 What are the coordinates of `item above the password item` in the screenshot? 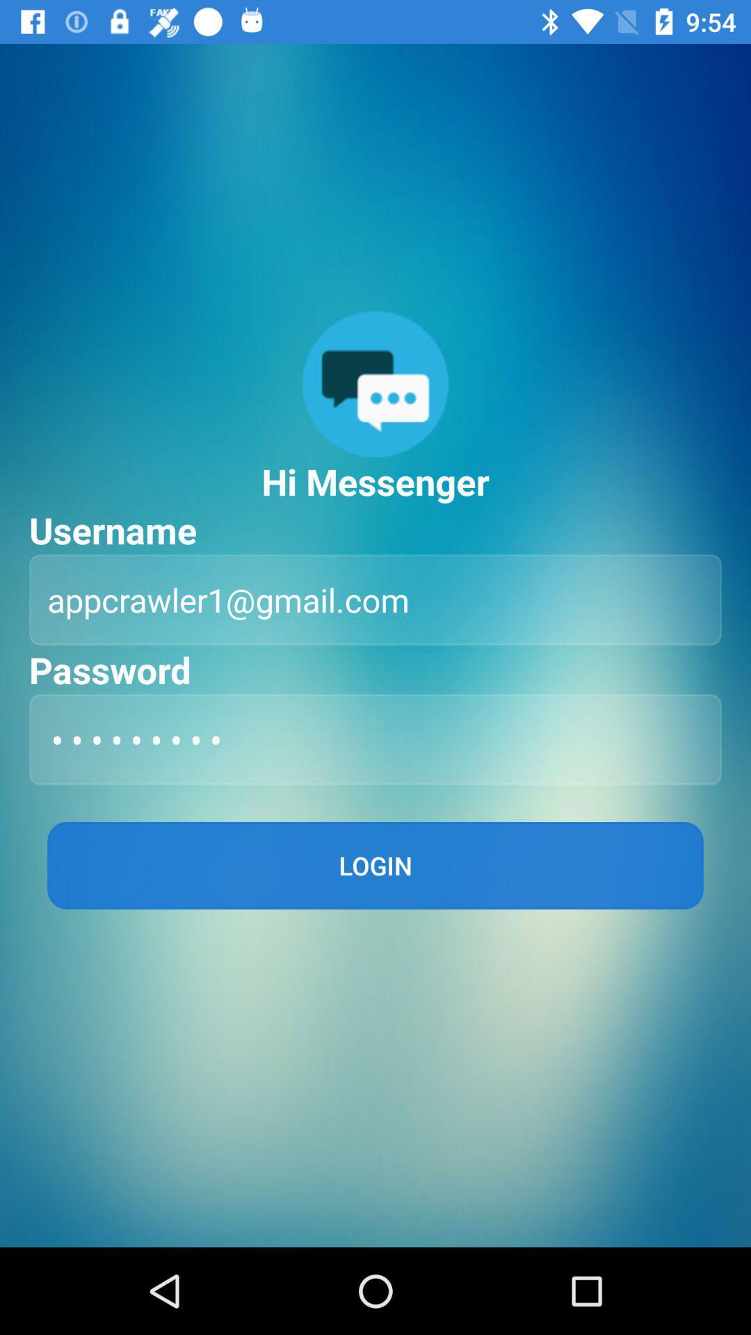 It's located at (375, 599).